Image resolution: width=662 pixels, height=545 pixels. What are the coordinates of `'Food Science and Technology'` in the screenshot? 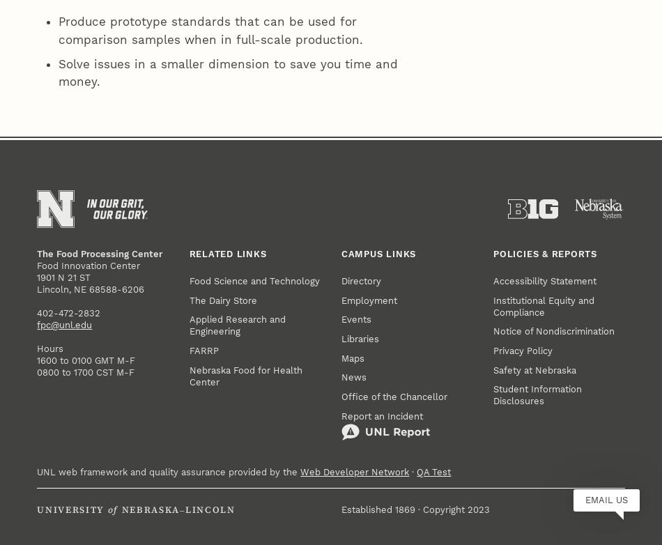 It's located at (253, 61).